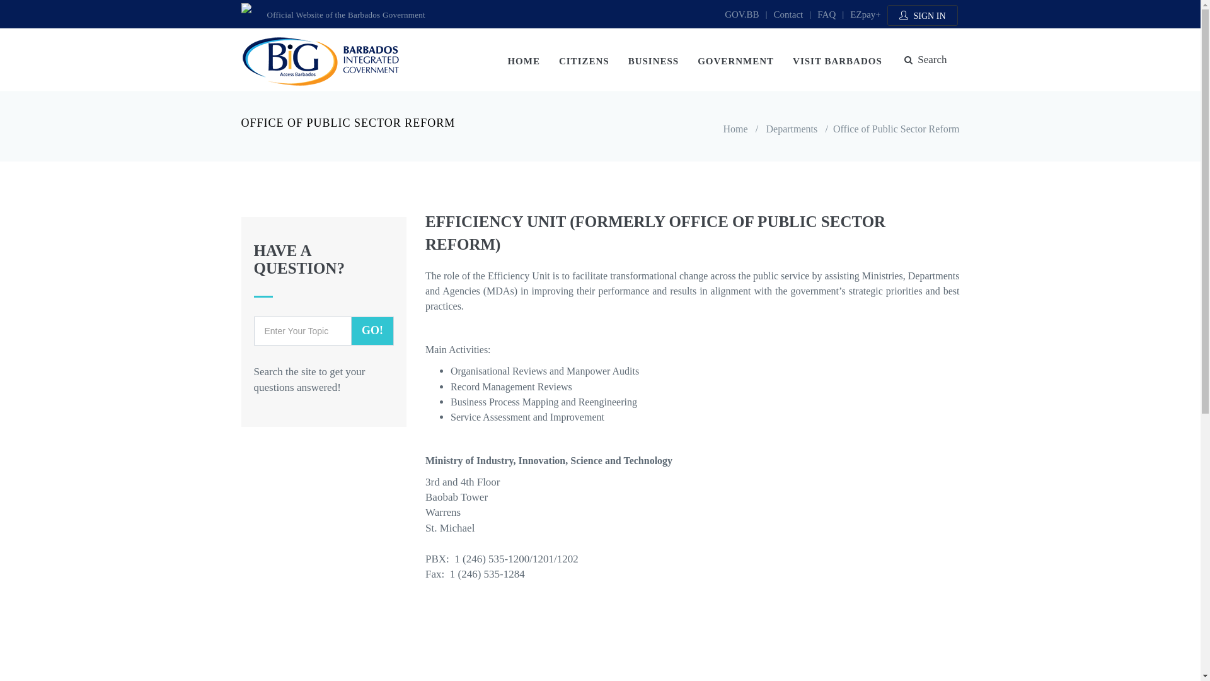 The width and height of the screenshot is (1210, 681). Describe the element at coordinates (741, 15) in the screenshot. I see `'GOV.BB'` at that location.